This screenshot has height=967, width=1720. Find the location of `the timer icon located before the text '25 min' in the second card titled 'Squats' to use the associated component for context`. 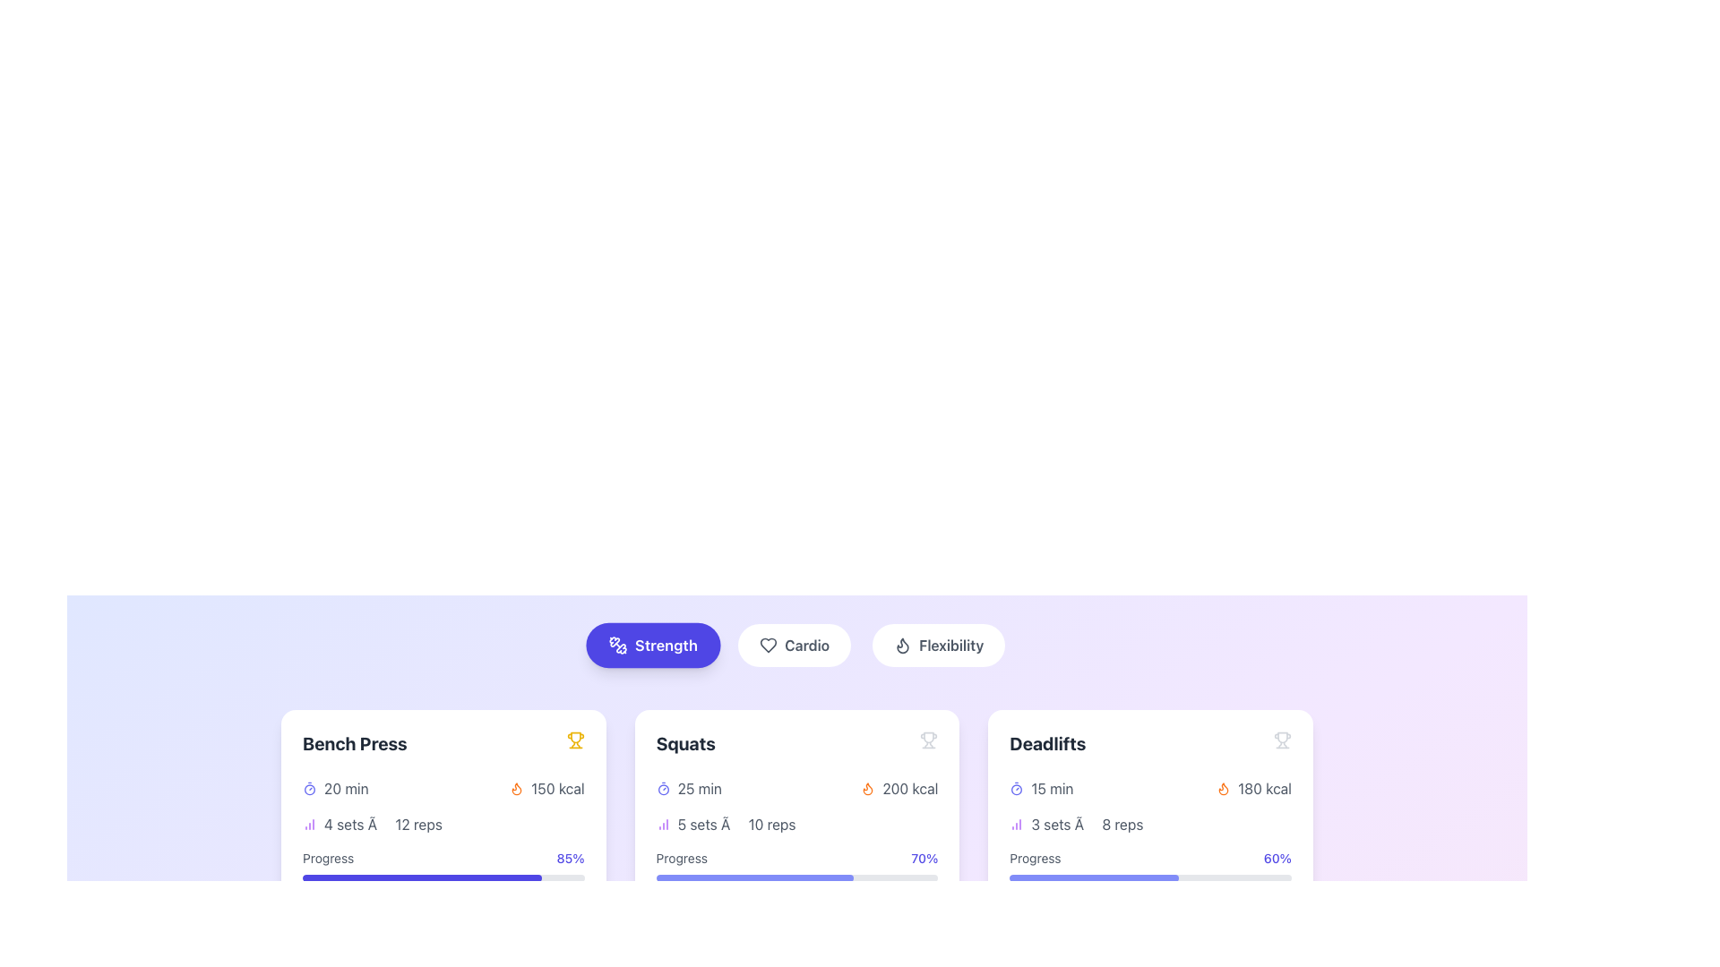

the timer icon located before the text '25 min' in the second card titled 'Squats' to use the associated component for context is located at coordinates (662, 787).